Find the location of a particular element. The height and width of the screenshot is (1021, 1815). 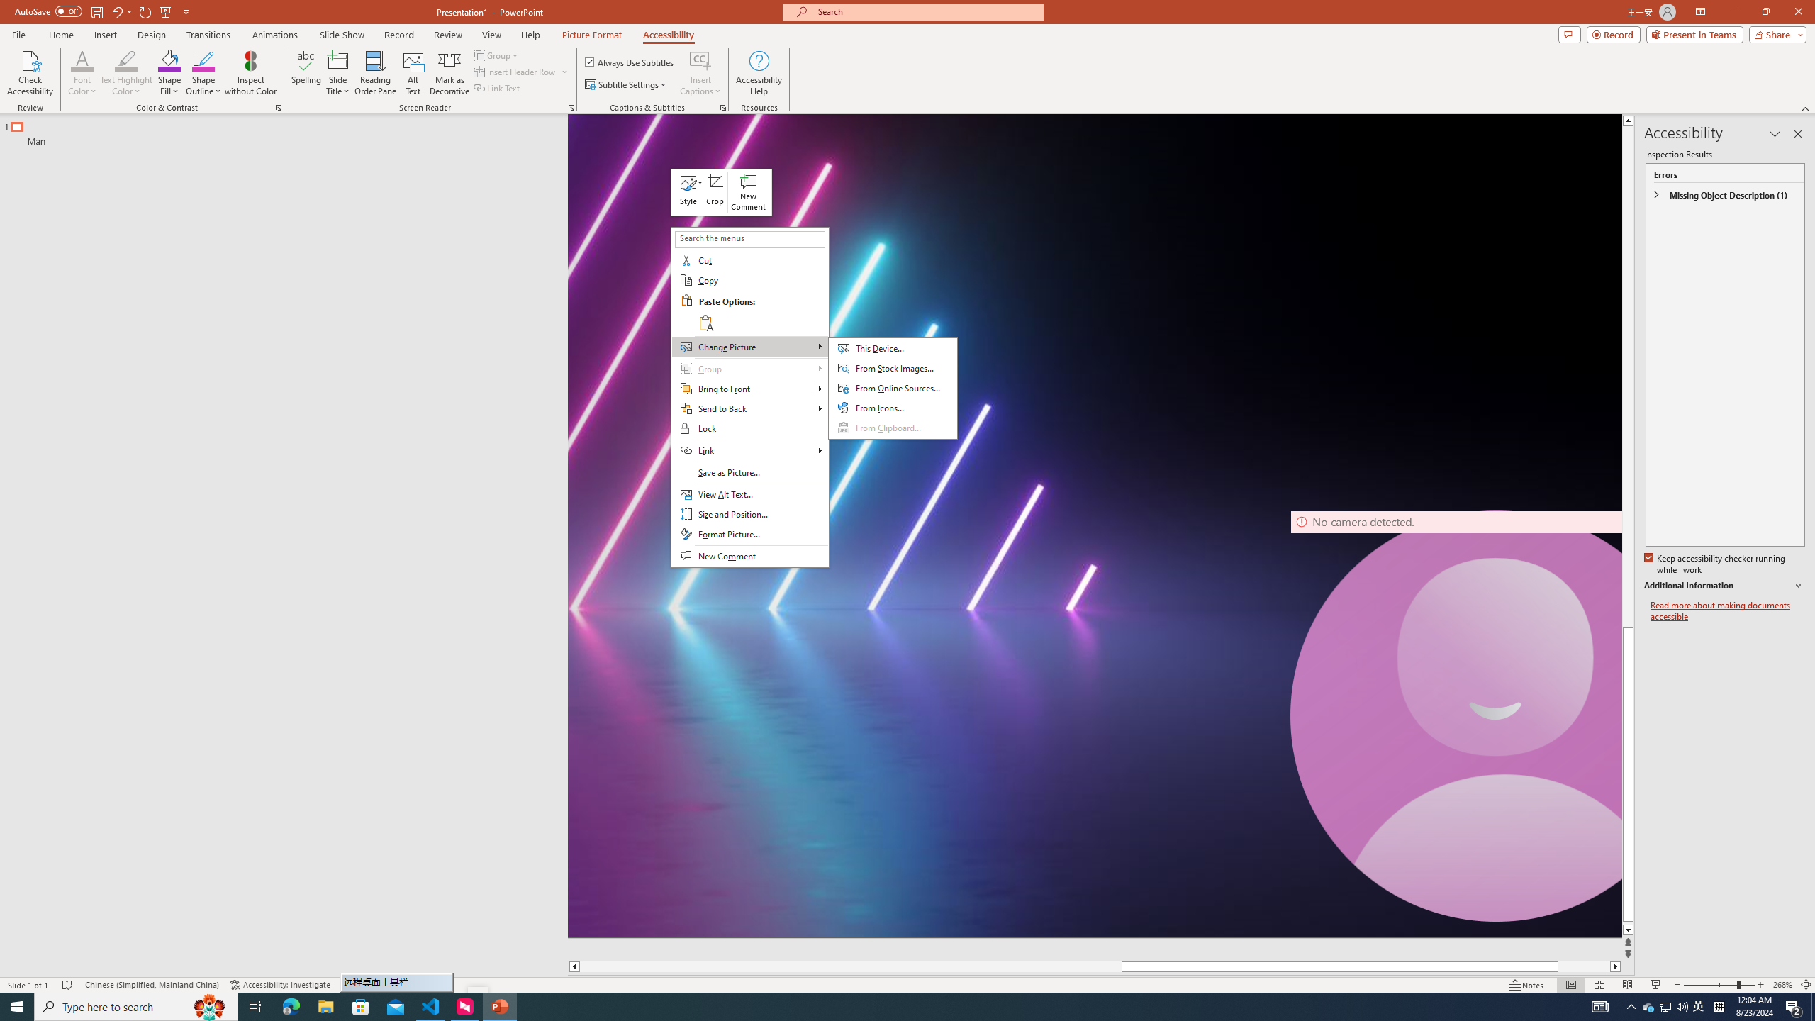

'Send to Back' is located at coordinates (740, 408).